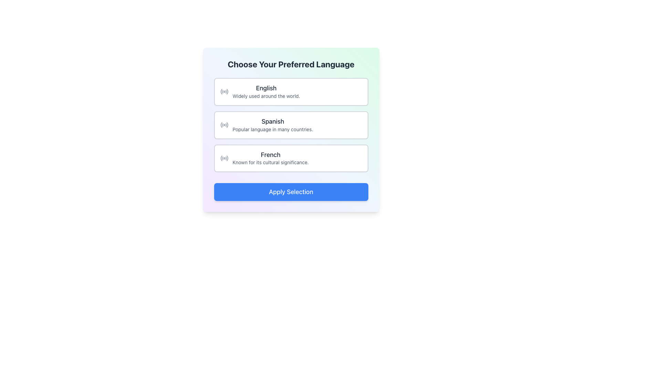 This screenshot has height=371, width=661. What do you see at coordinates (272, 129) in the screenshot?
I see `the subtitle text label styled in smaller gray font under the 'Spanish' header, which is centrally aligned within the second selectable language option box` at bounding box center [272, 129].